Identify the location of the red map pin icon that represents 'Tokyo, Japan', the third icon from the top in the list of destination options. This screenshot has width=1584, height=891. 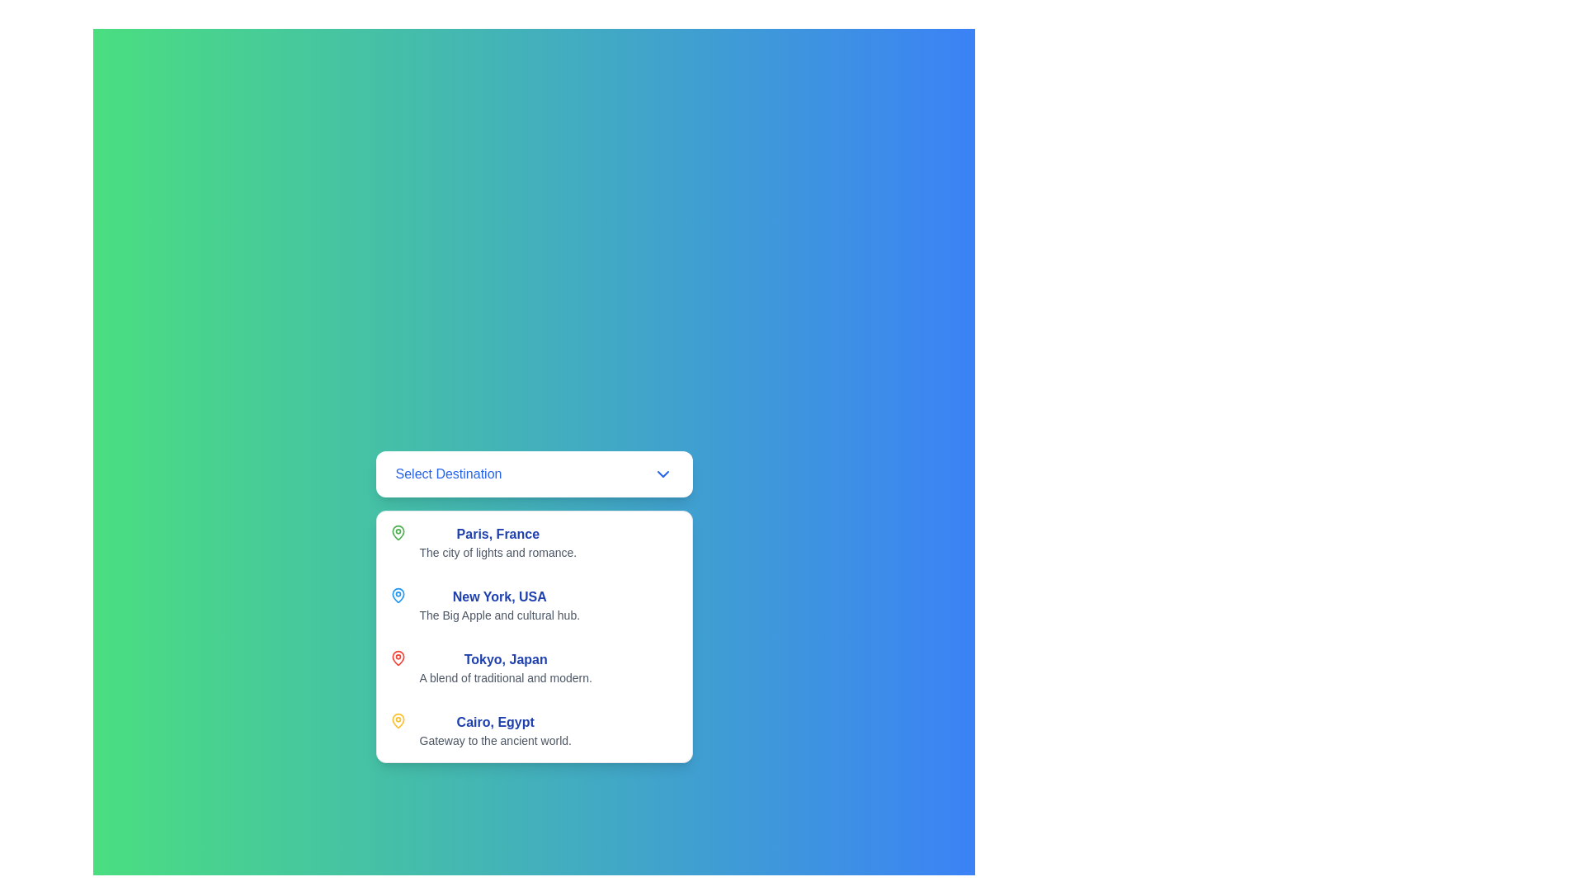
(398, 658).